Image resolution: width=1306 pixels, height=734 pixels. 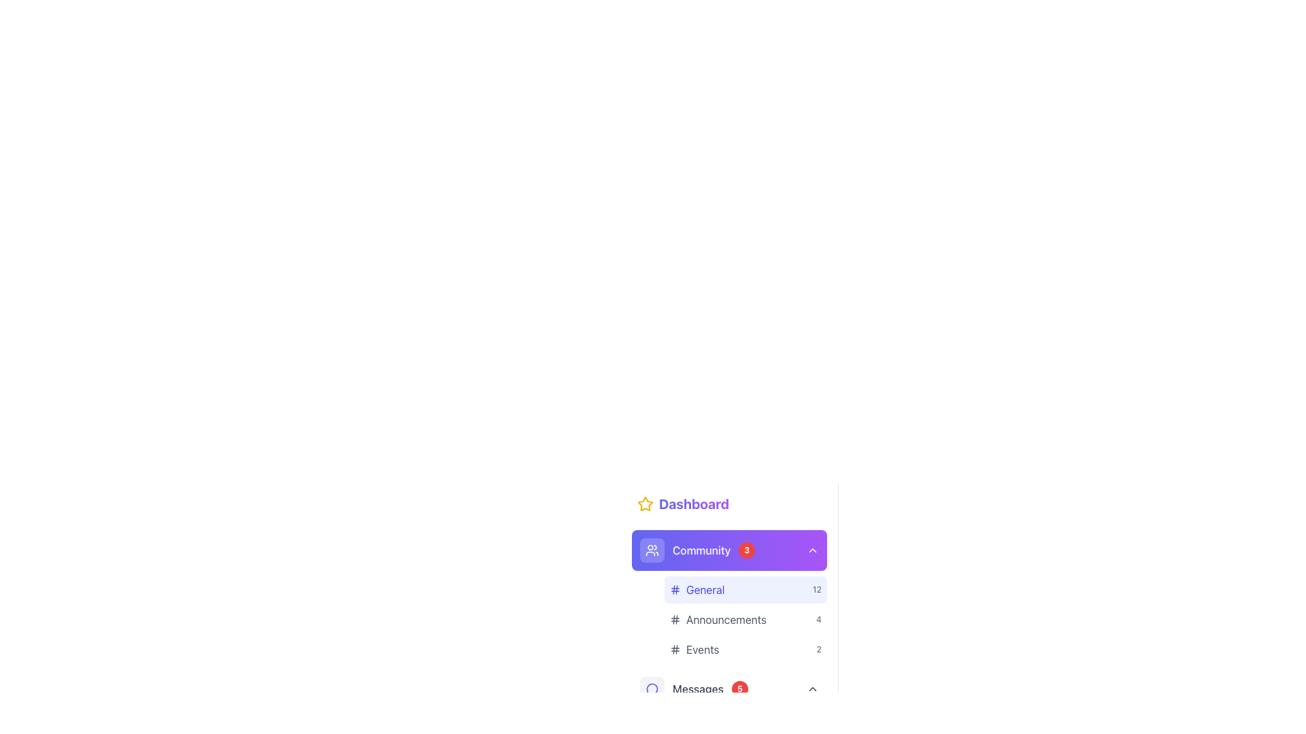 I want to click on the 'Announcements' label in the Community sidebar section, so click(x=726, y=619).